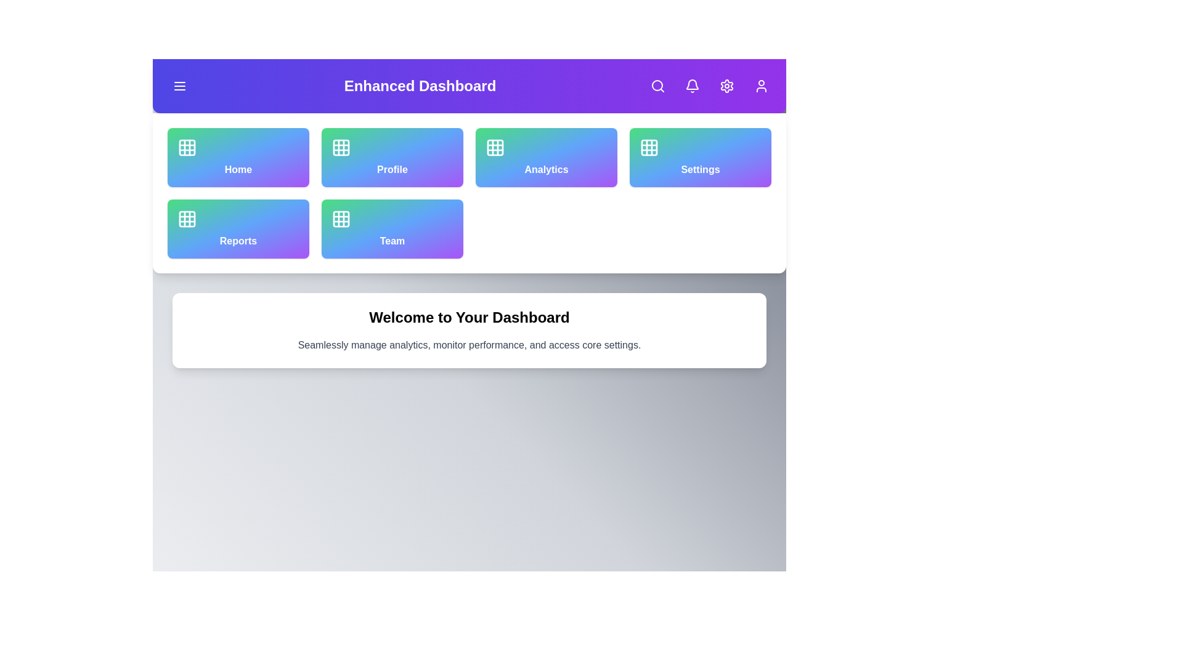 Image resolution: width=1183 pixels, height=665 pixels. I want to click on the navigation option Analytics by clicking its corresponding button, so click(546, 156).